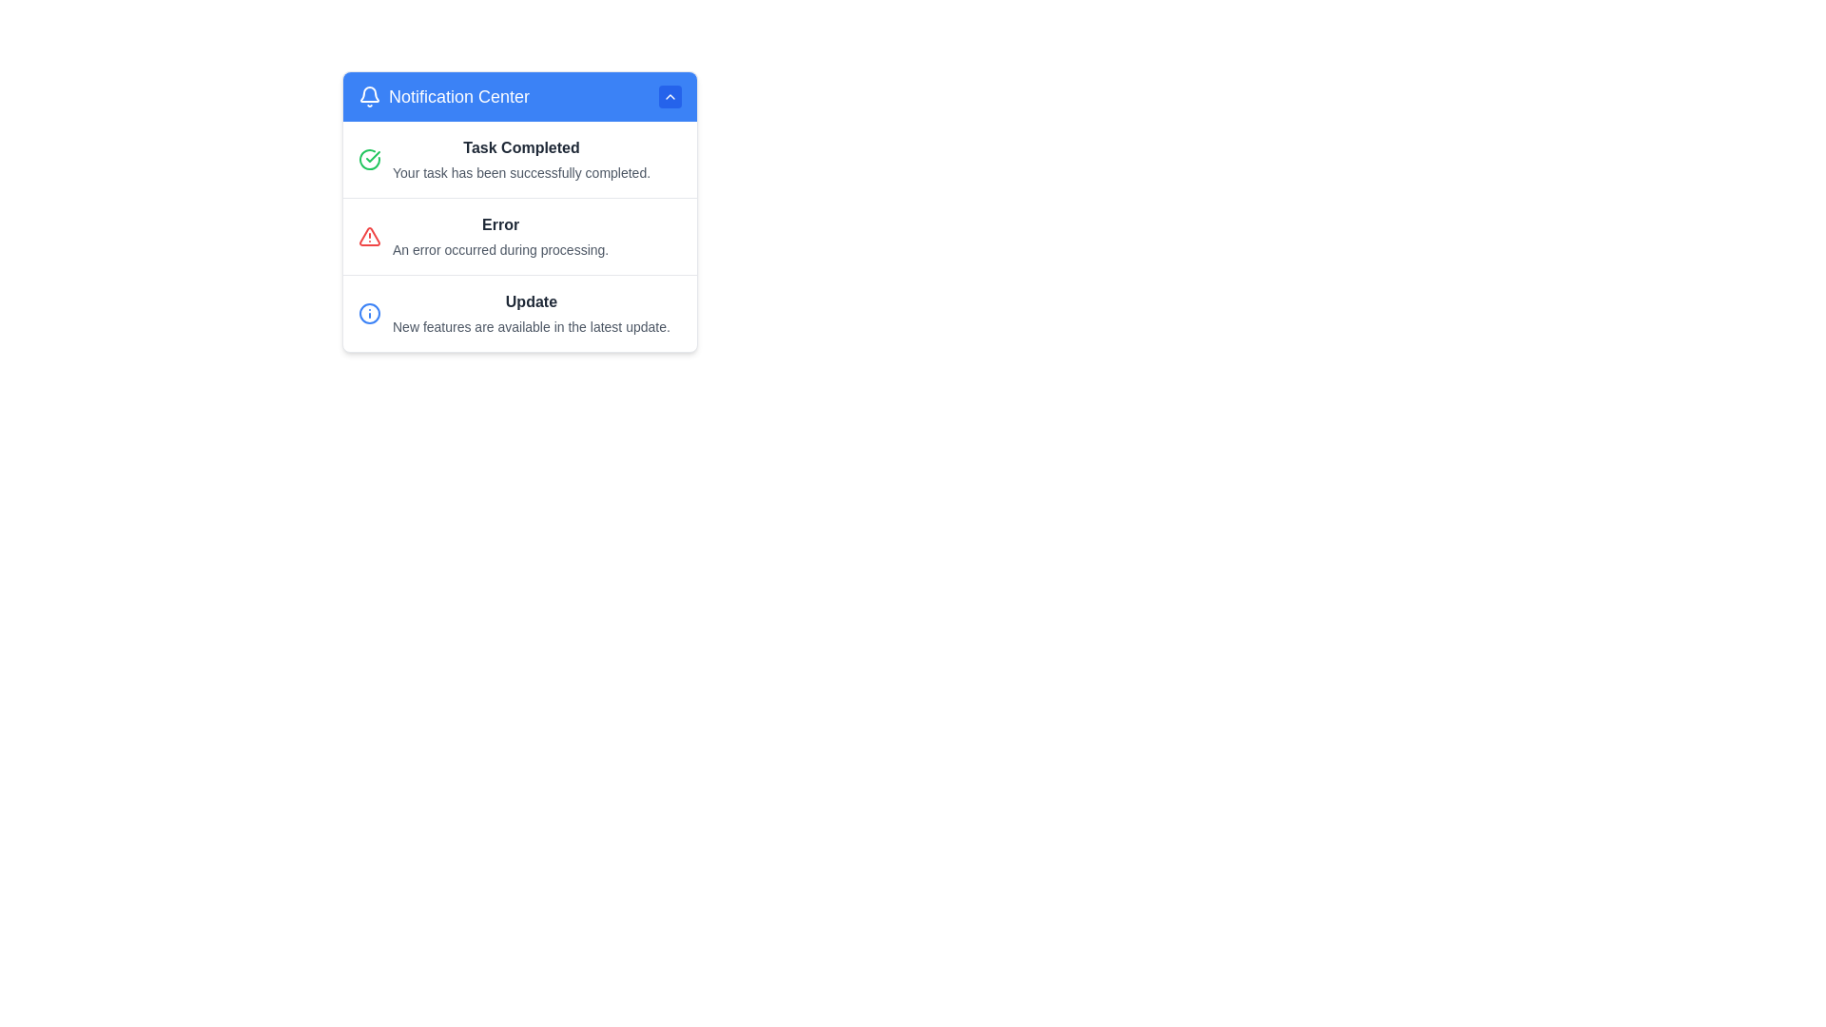  I want to click on the bold, dark gray text displaying 'Task Completed' located in the header section of the notification box, so click(521, 146).